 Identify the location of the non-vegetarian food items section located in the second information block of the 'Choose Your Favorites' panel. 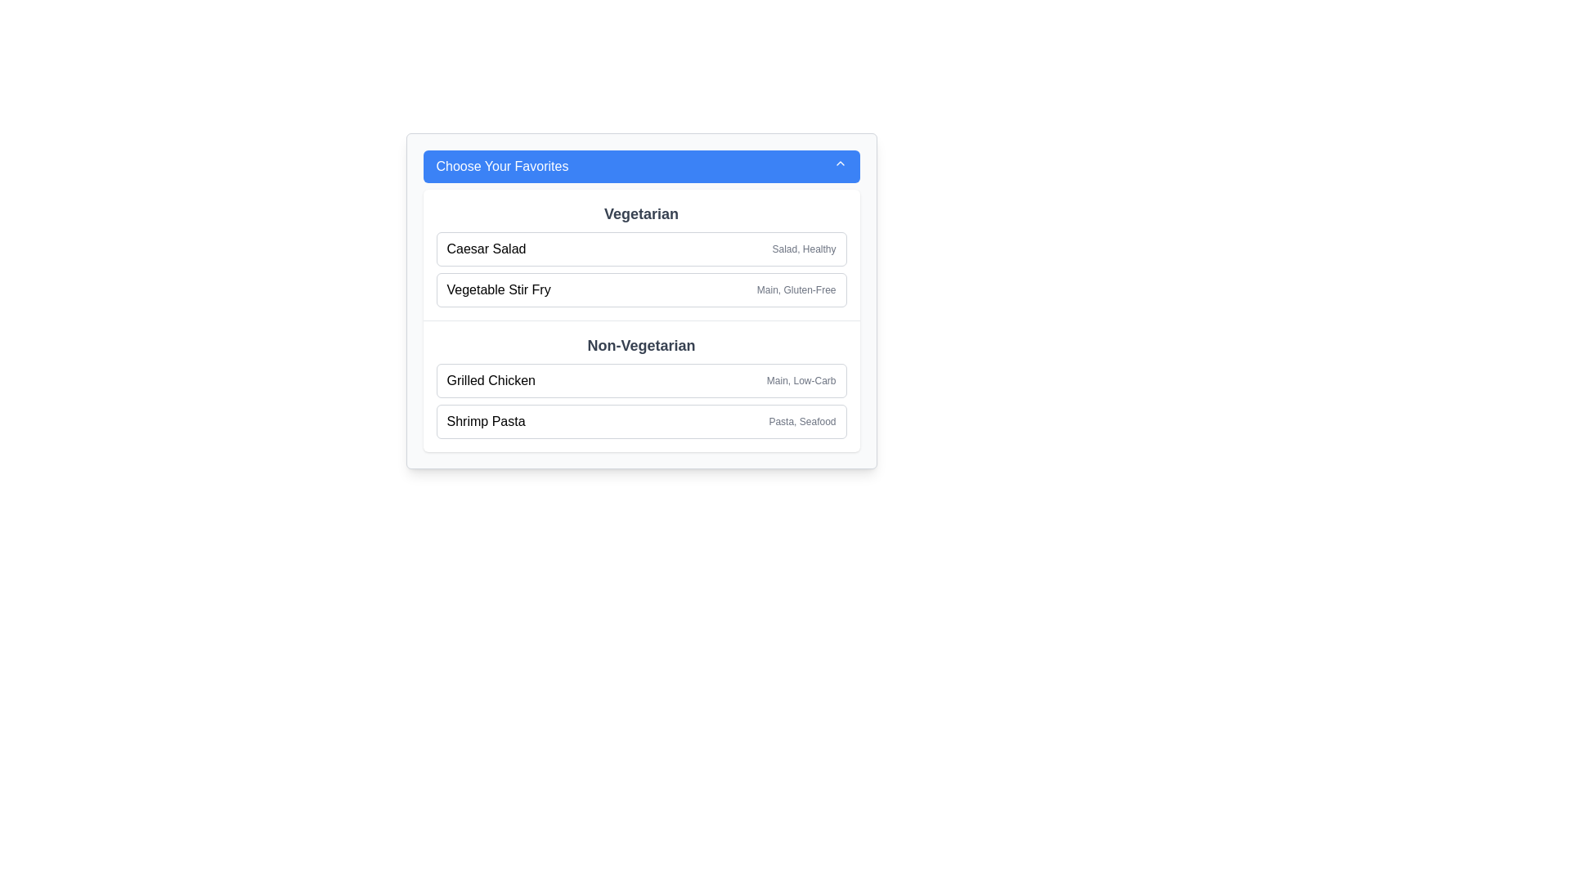
(640, 386).